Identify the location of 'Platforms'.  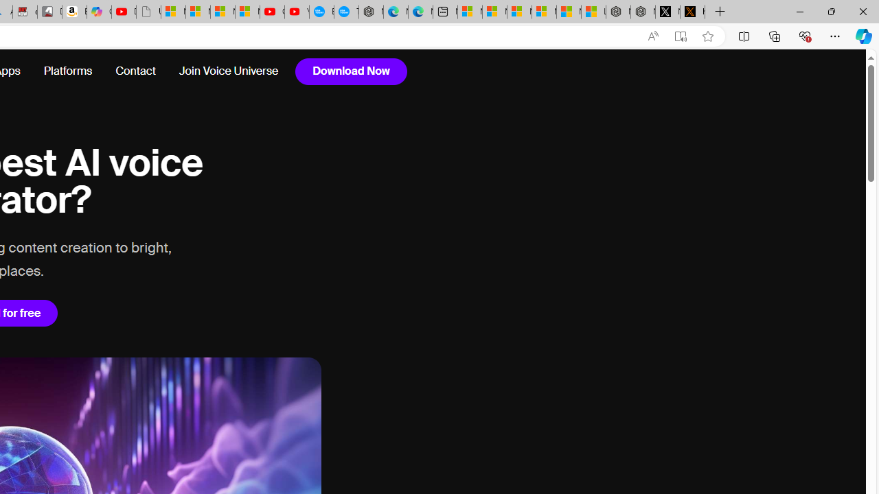
(67, 71).